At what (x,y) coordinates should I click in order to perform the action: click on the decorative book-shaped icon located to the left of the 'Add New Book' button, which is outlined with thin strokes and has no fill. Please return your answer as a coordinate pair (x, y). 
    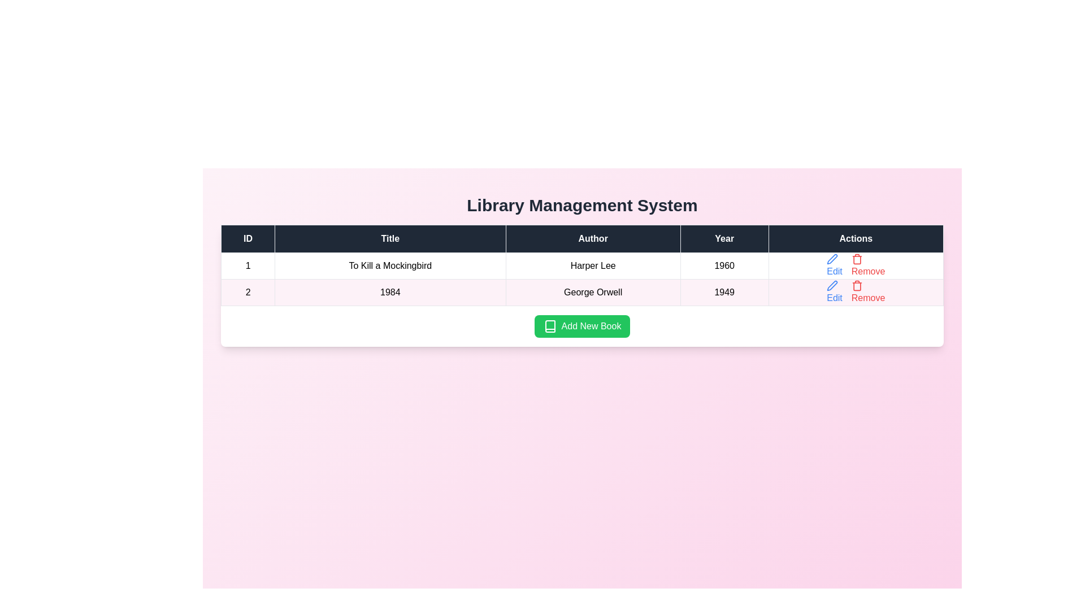
    Looking at the image, I should click on (550, 326).